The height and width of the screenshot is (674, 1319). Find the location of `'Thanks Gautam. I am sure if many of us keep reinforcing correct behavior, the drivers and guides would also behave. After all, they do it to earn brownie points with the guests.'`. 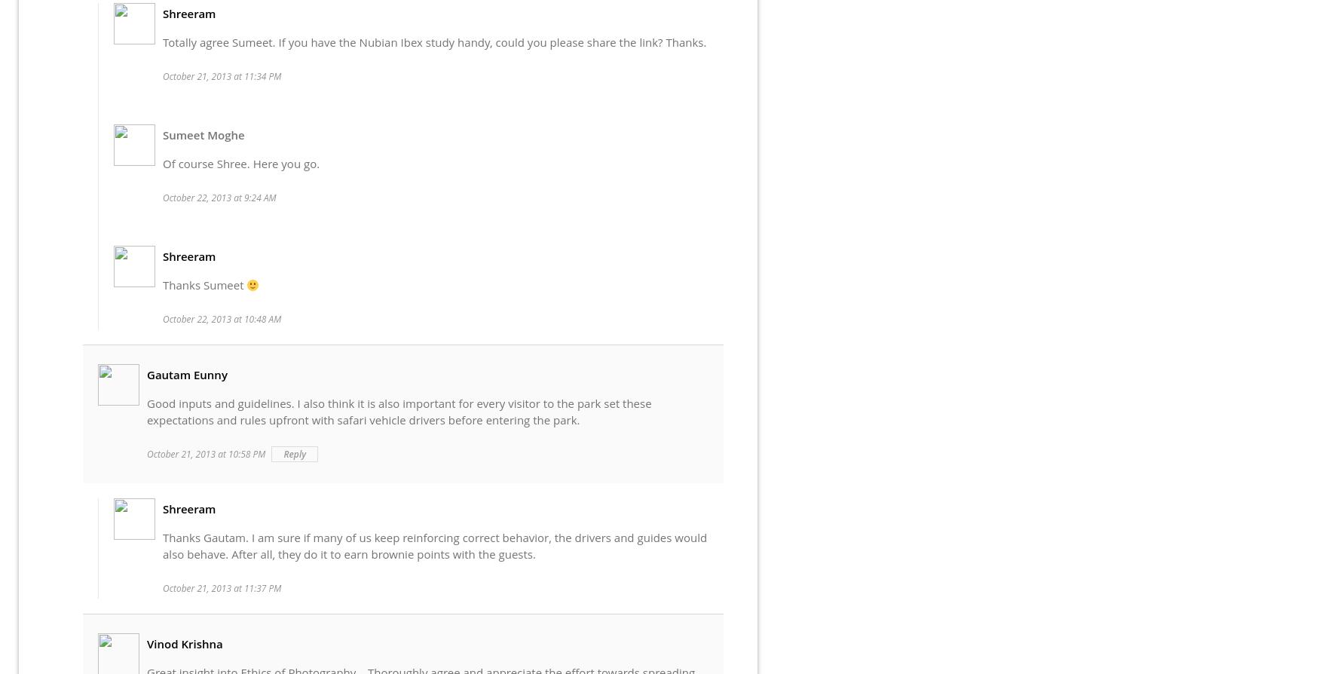

'Thanks Gautam. I am sure if many of us keep reinforcing correct behavior, the drivers and guides would also behave. After all, they do it to earn brownie points with the guests.' is located at coordinates (434, 544).